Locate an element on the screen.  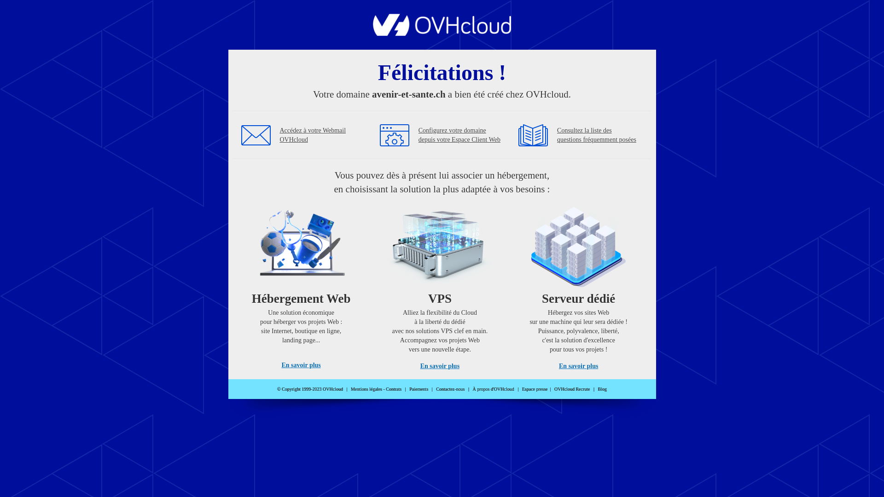
'Contactez-nous' is located at coordinates (450, 389).